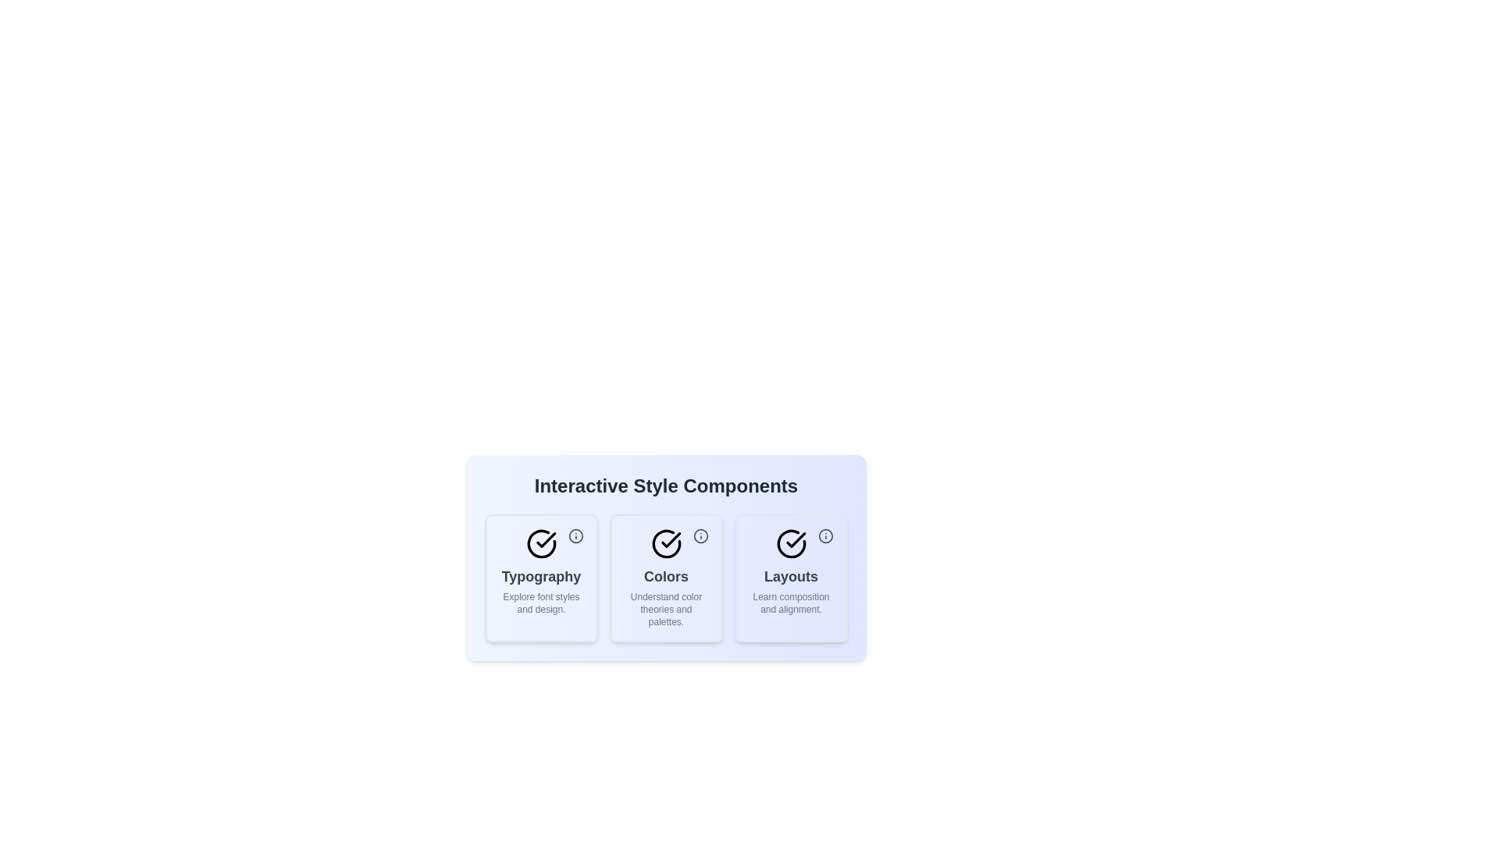 The width and height of the screenshot is (1499, 843). I want to click on the icon within the chip labeled 'Typography', so click(575, 535).